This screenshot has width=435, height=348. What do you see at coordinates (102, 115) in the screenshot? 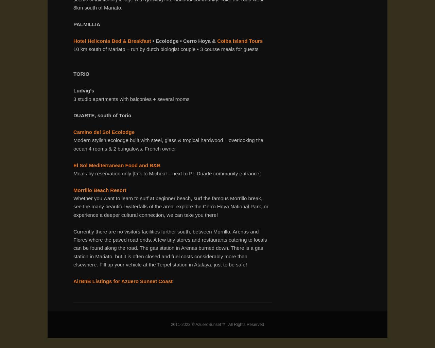
I see `'DUARTE, south of Torio'` at bounding box center [102, 115].